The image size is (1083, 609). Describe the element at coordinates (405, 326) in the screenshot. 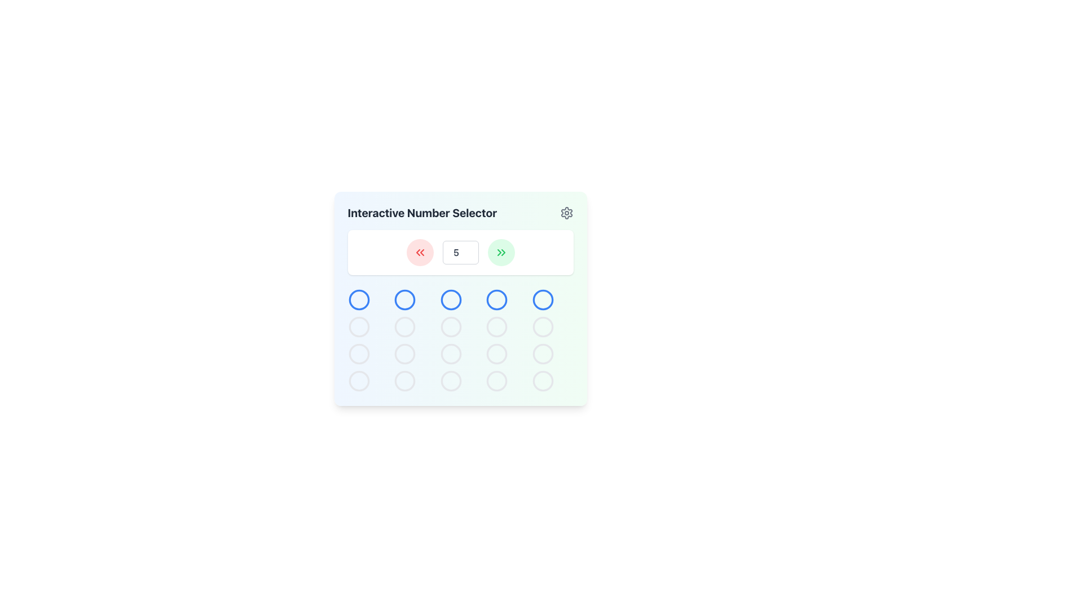

I see `the selectable indicator circle located in the second column and second row of the grid beneath the 'Interactive Number Selector' title` at that location.